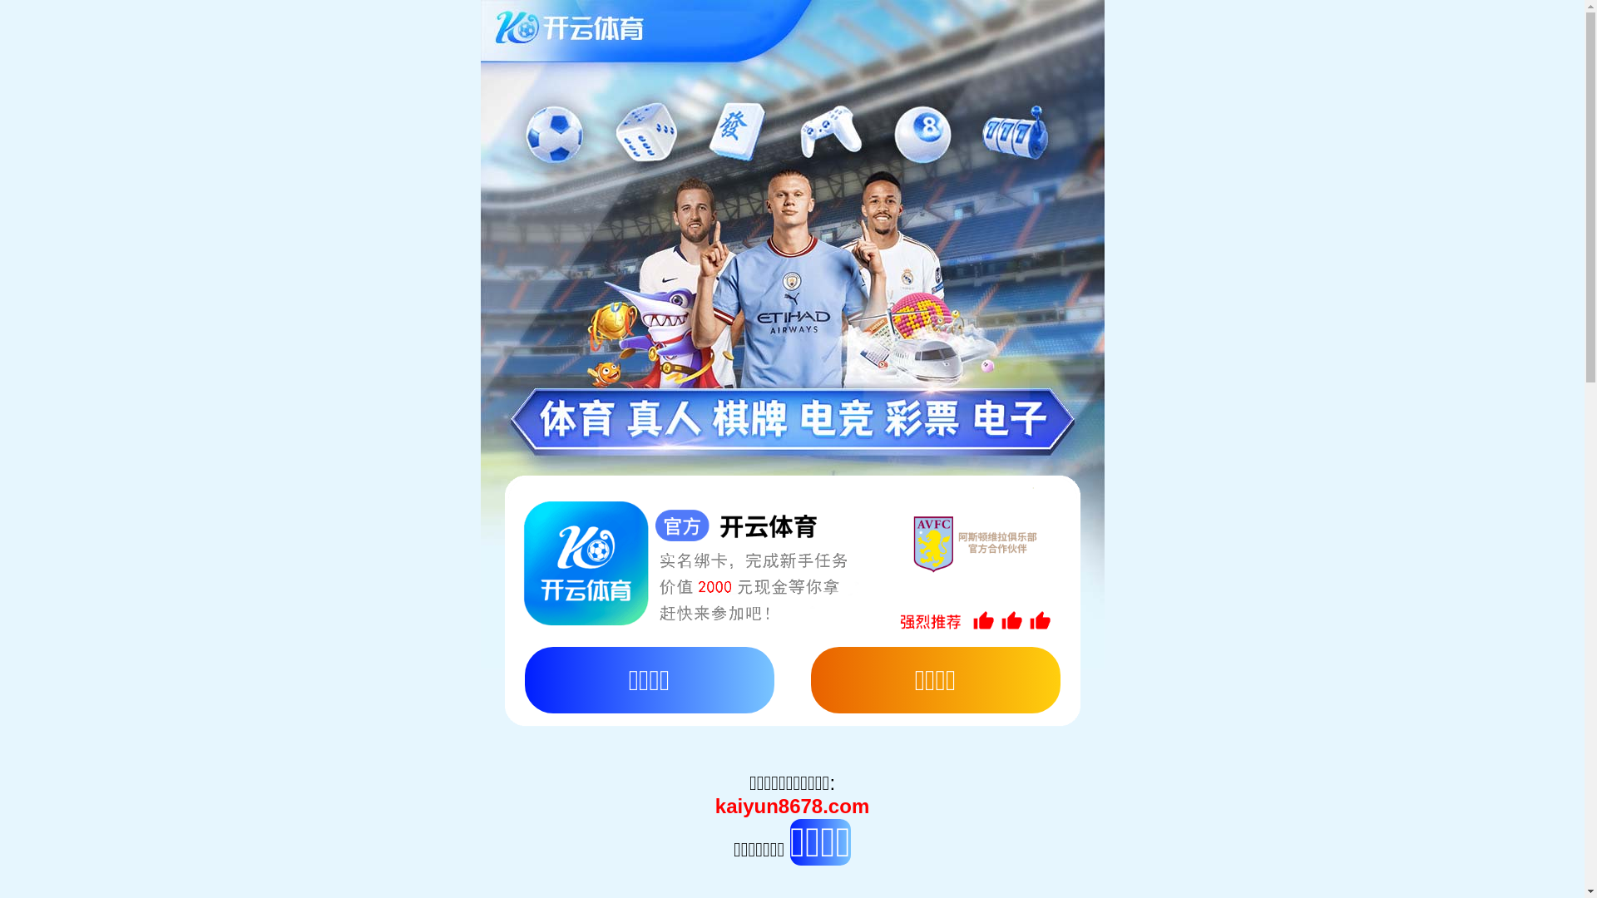 This screenshot has width=1597, height=898. I want to click on 'ENGLISH', so click(329, 28).